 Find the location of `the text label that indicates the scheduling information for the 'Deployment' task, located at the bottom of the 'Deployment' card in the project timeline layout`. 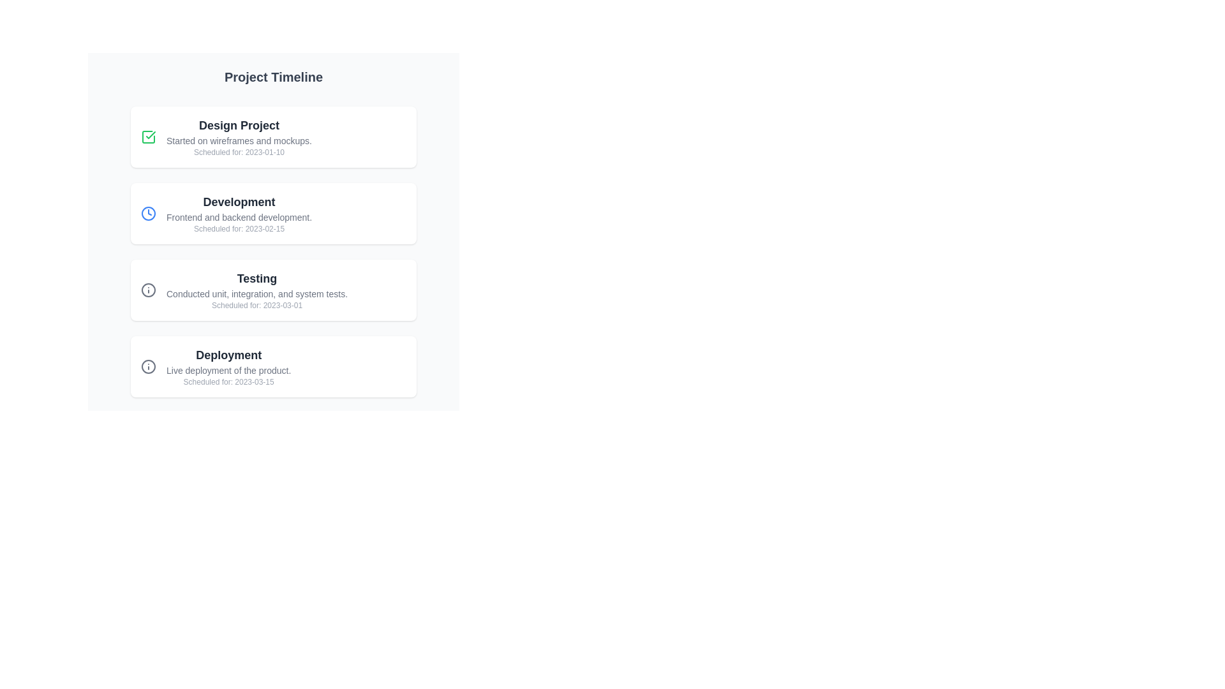

the text label that indicates the scheduling information for the 'Deployment' task, located at the bottom of the 'Deployment' card in the project timeline layout is located at coordinates (228, 381).